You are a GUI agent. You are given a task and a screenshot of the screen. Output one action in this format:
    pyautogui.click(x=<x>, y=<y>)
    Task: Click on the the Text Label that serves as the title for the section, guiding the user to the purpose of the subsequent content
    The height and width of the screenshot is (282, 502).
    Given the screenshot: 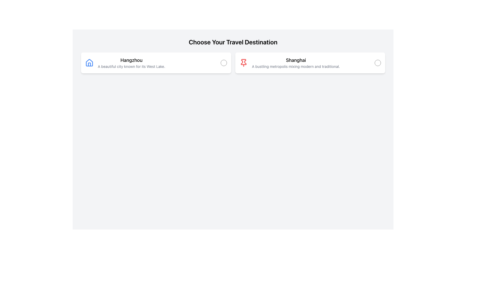 What is the action you would take?
    pyautogui.click(x=233, y=42)
    